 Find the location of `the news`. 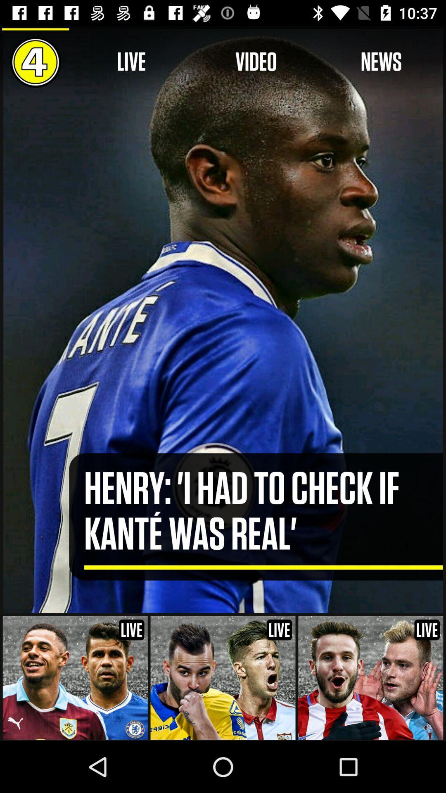

the news is located at coordinates (381, 62).